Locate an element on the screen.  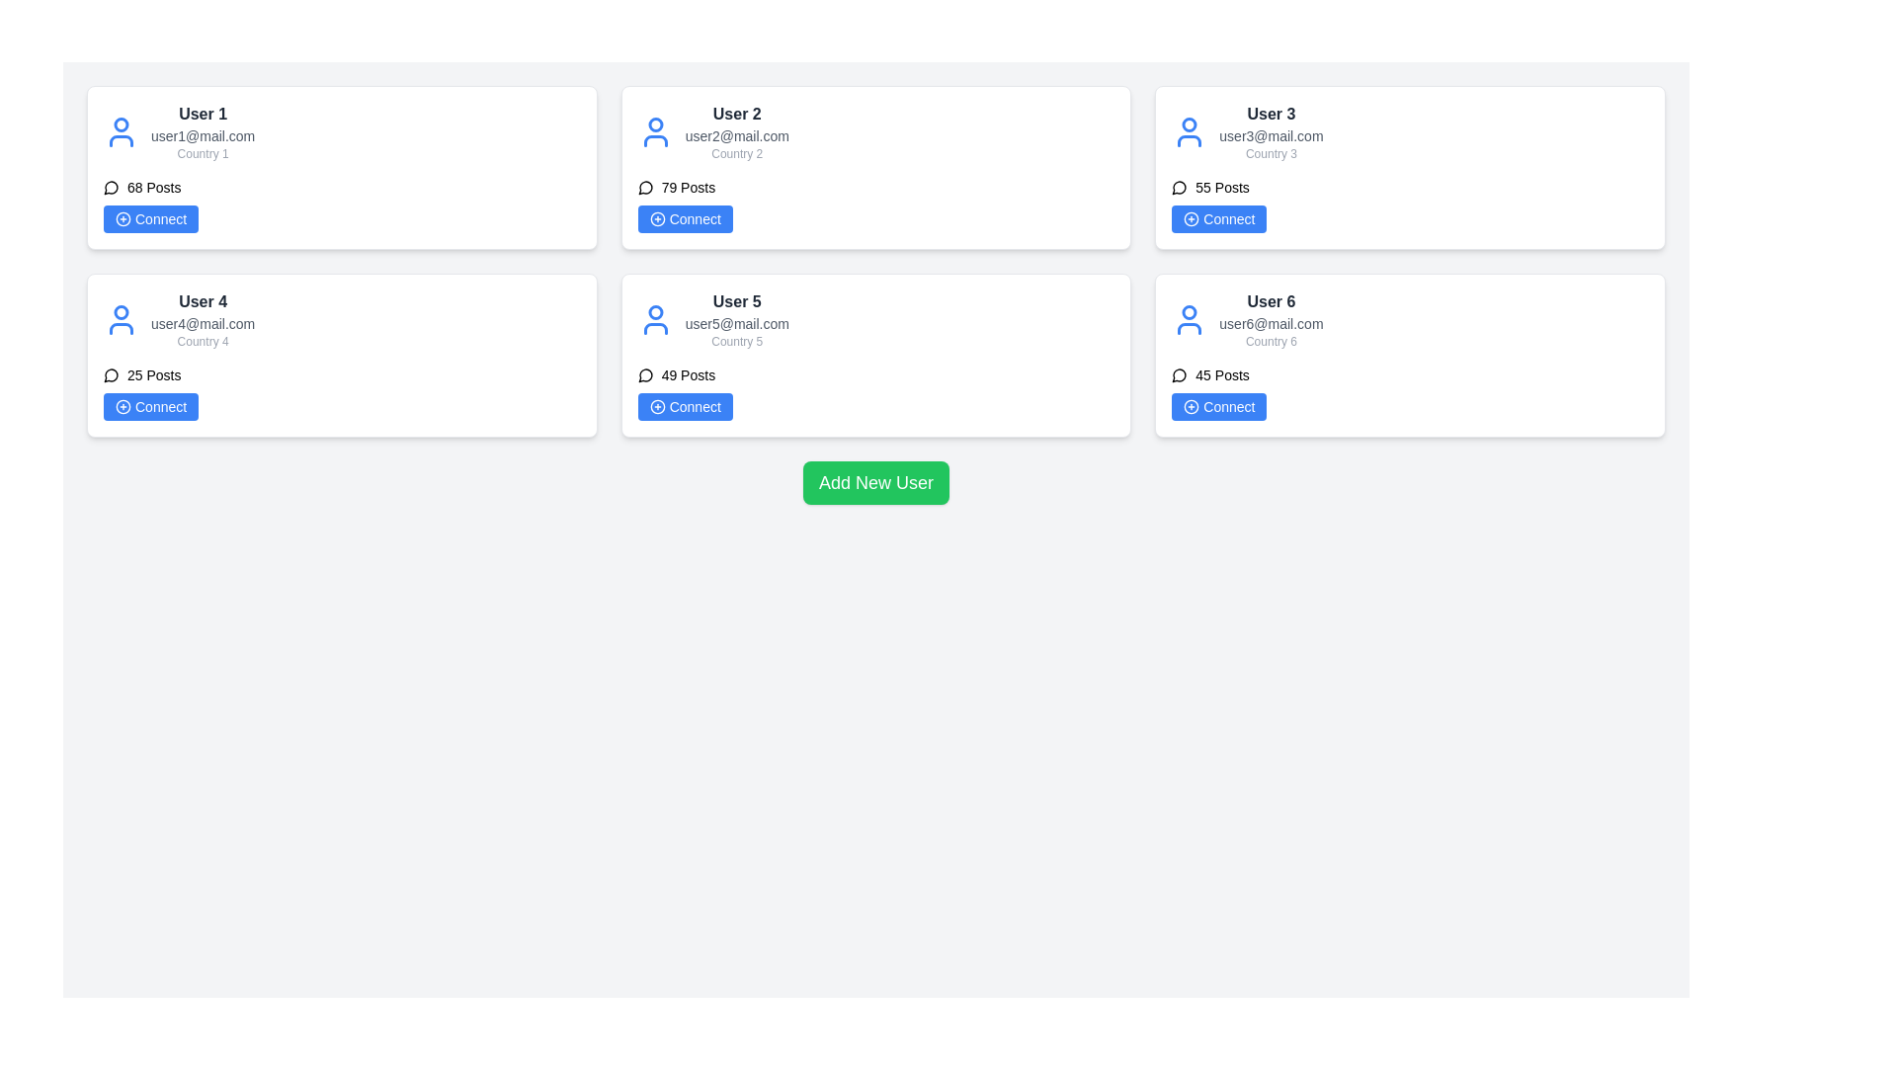
the blue circular user profile icon located above the text 'User 2' in the user card is located at coordinates (655, 124).